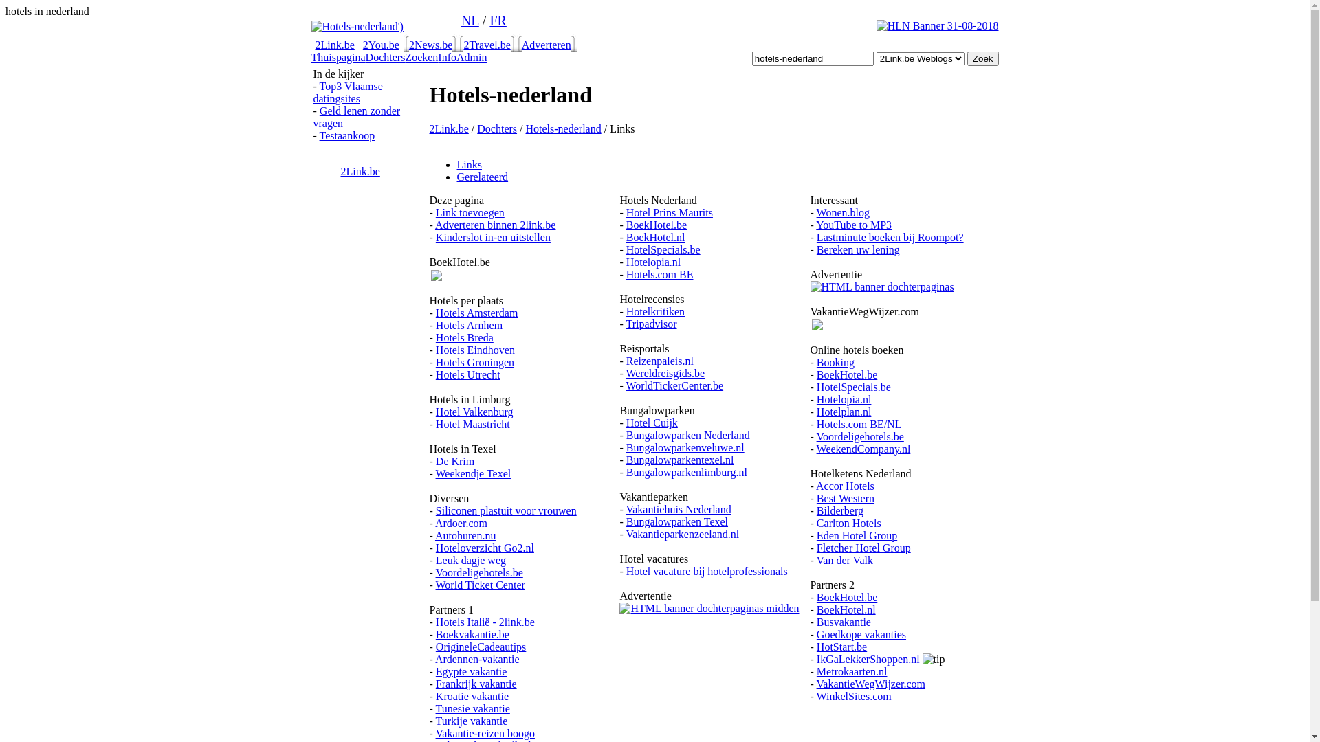 This screenshot has height=742, width=1320. What do you see at coordinates (489, 21) in the screenshot?
I see `'FR'` at bounding box center [489, 21].